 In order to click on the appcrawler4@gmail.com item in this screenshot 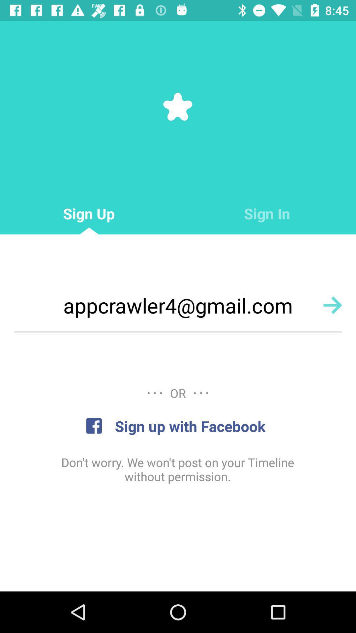, I will do `click(178, 305)`.